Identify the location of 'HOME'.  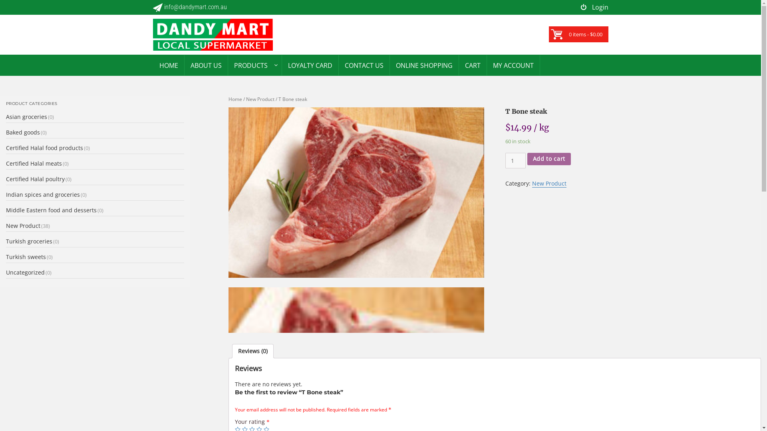
(153, 65).